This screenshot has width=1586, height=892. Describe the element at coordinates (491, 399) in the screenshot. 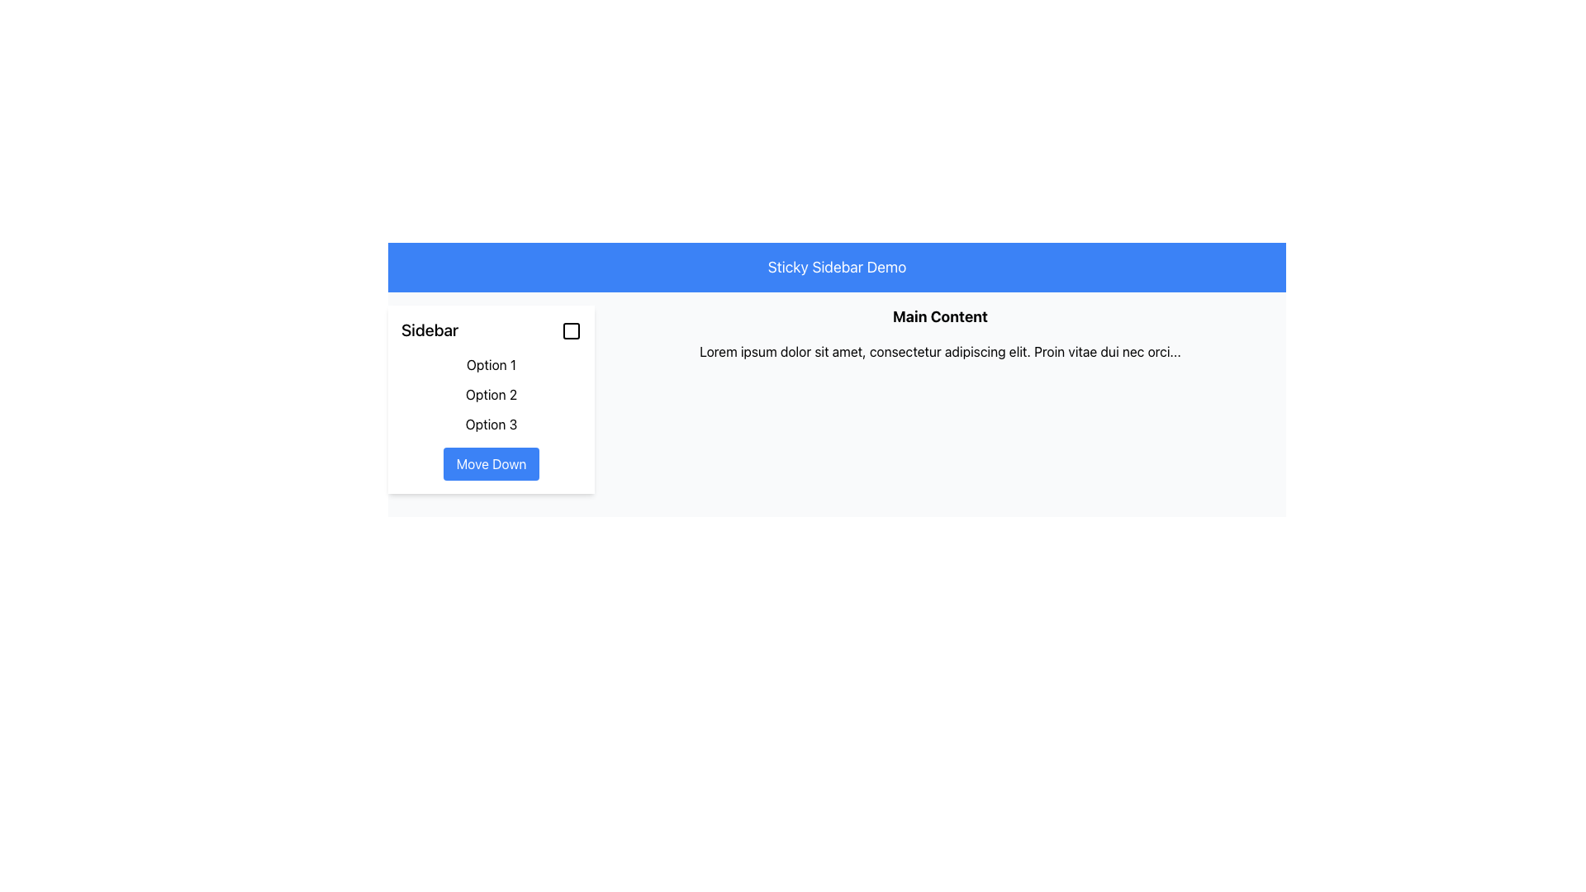

I see `the textual link labeled 'Option 2' in the sidebar panel` at that location.